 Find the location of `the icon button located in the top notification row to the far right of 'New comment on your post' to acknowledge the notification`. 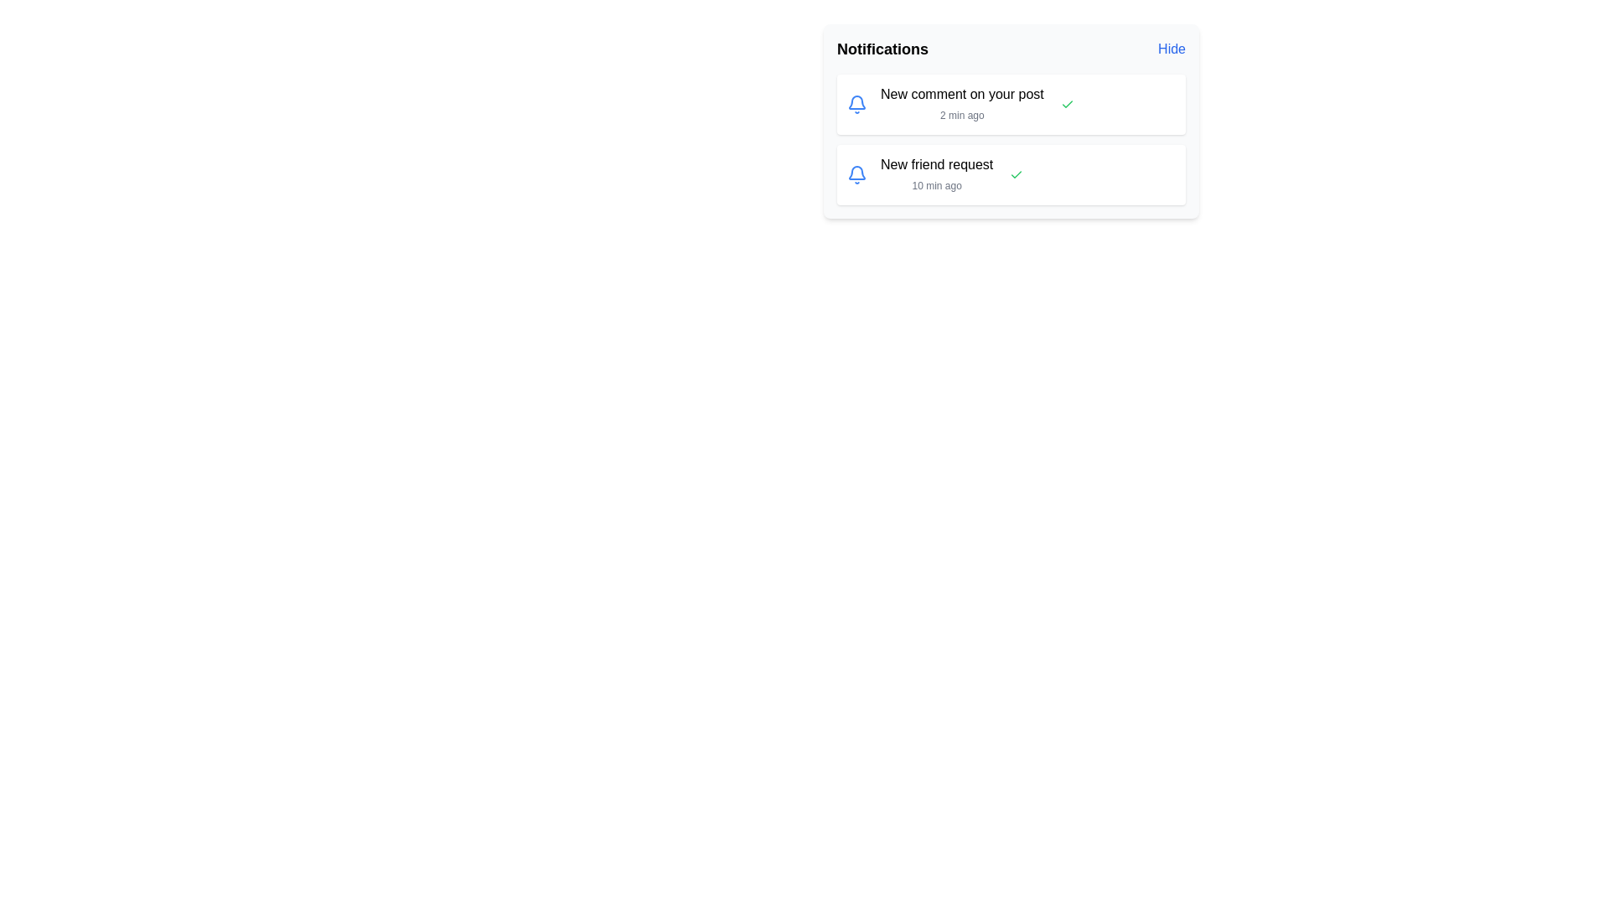

the icon button located in the top notification row to the far right of 'New comment on your post' to acknowledge the notification is located at coordinates (1066, 104).